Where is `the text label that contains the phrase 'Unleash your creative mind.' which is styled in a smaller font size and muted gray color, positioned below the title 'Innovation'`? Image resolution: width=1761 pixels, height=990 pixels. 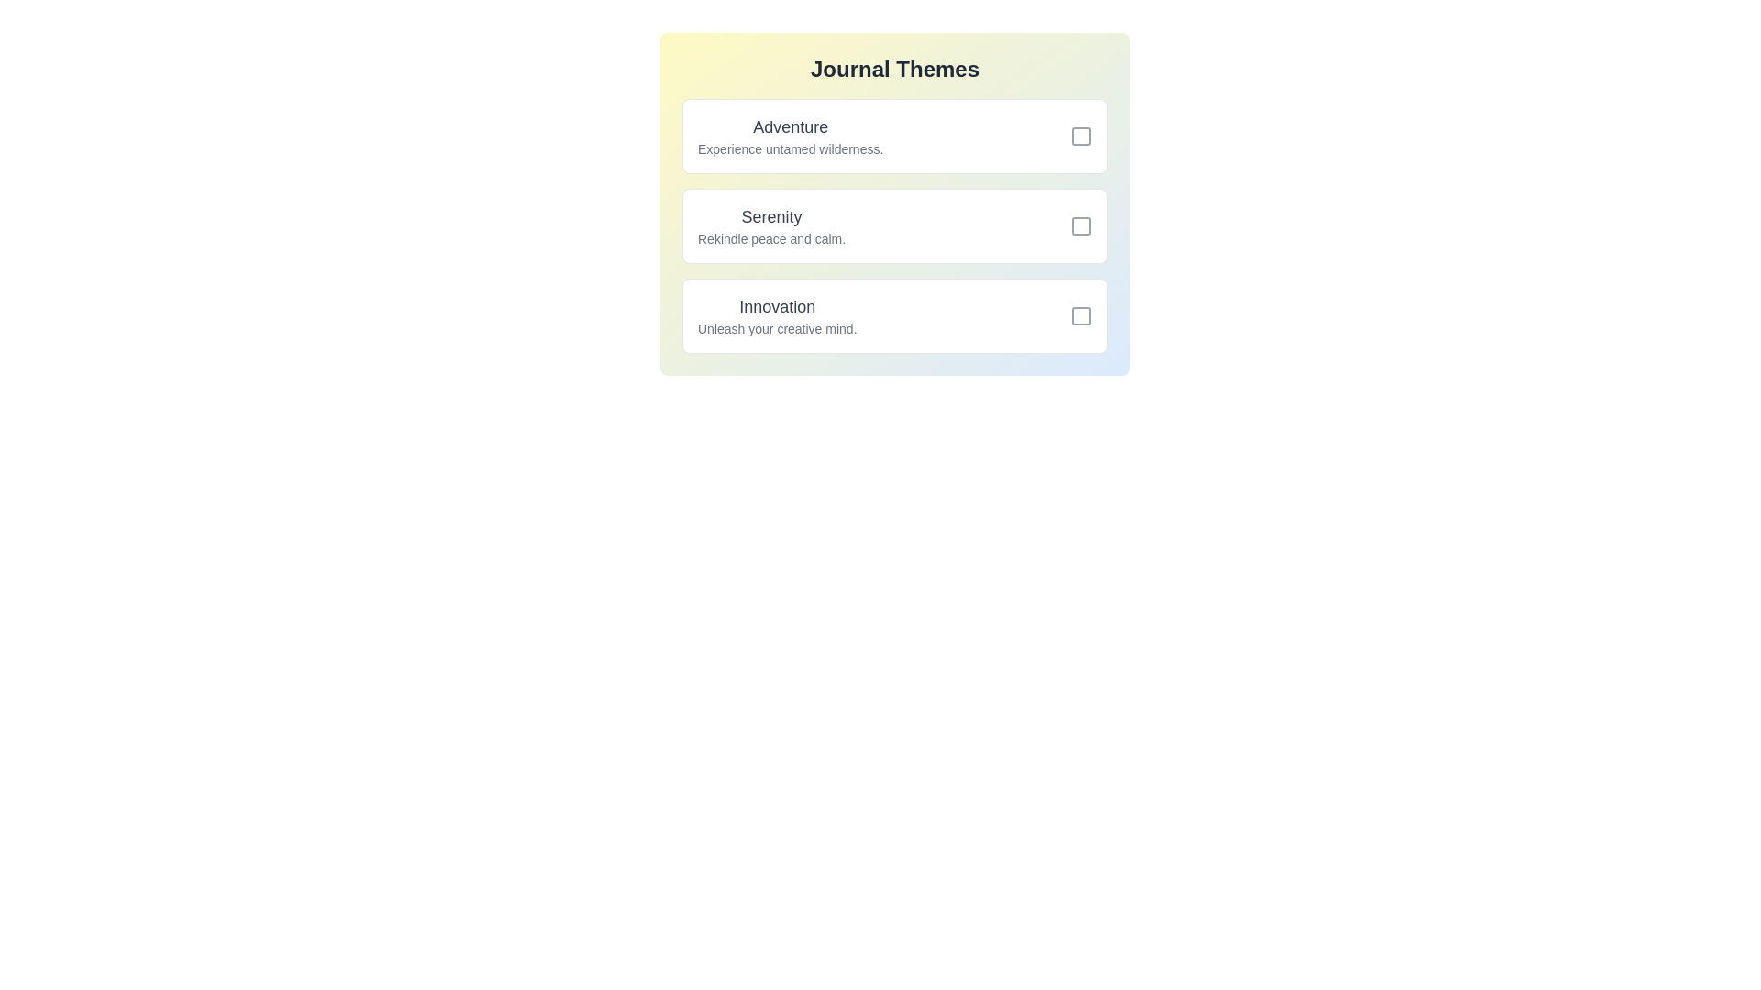 the text label that contains the phrase 'Unleash your creative mind.' which is styled in a smaller font size and muted gray color, positioned below the title 'Innovation' is located at coordinates (777, 327).